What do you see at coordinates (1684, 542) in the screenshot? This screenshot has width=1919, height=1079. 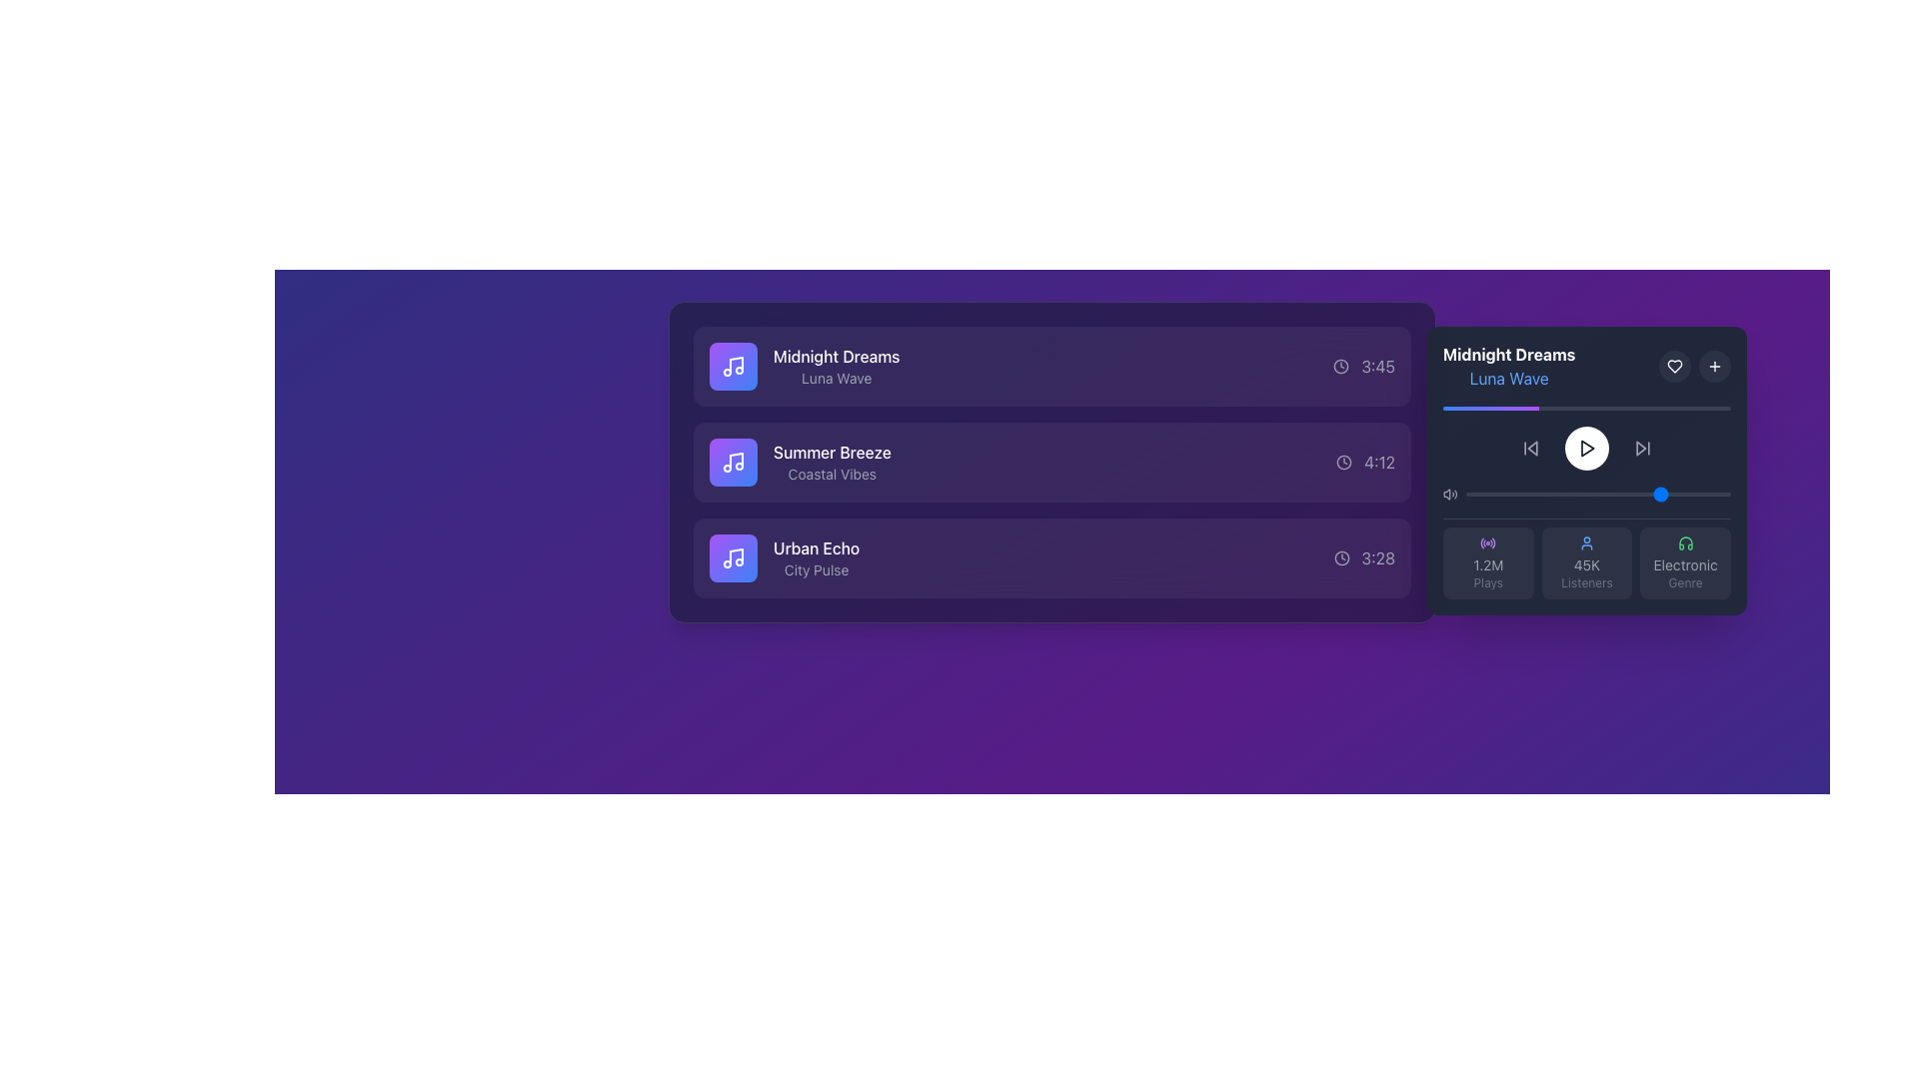 I see `the audio icon located in the bottom-right corner of the interface` at bounding box center [1684, 542].